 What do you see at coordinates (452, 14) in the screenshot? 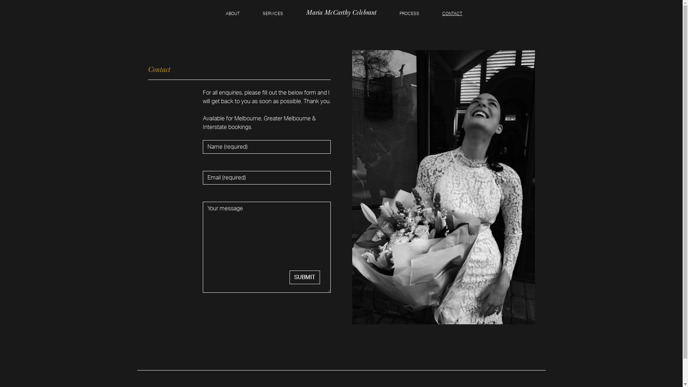
I see `'CONTACT` at bounding box center [452, 14].